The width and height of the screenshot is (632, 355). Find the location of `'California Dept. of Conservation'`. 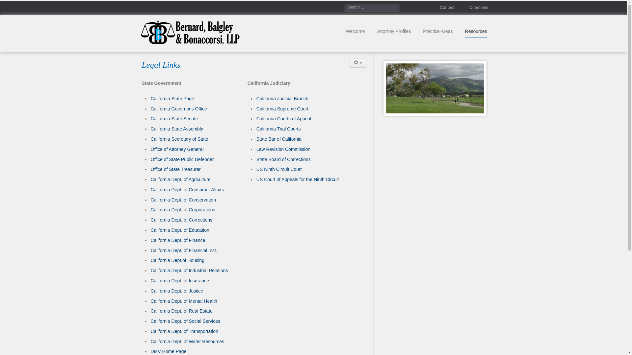

'California Dept. of Conservation' is located at coordinates (183, 200).